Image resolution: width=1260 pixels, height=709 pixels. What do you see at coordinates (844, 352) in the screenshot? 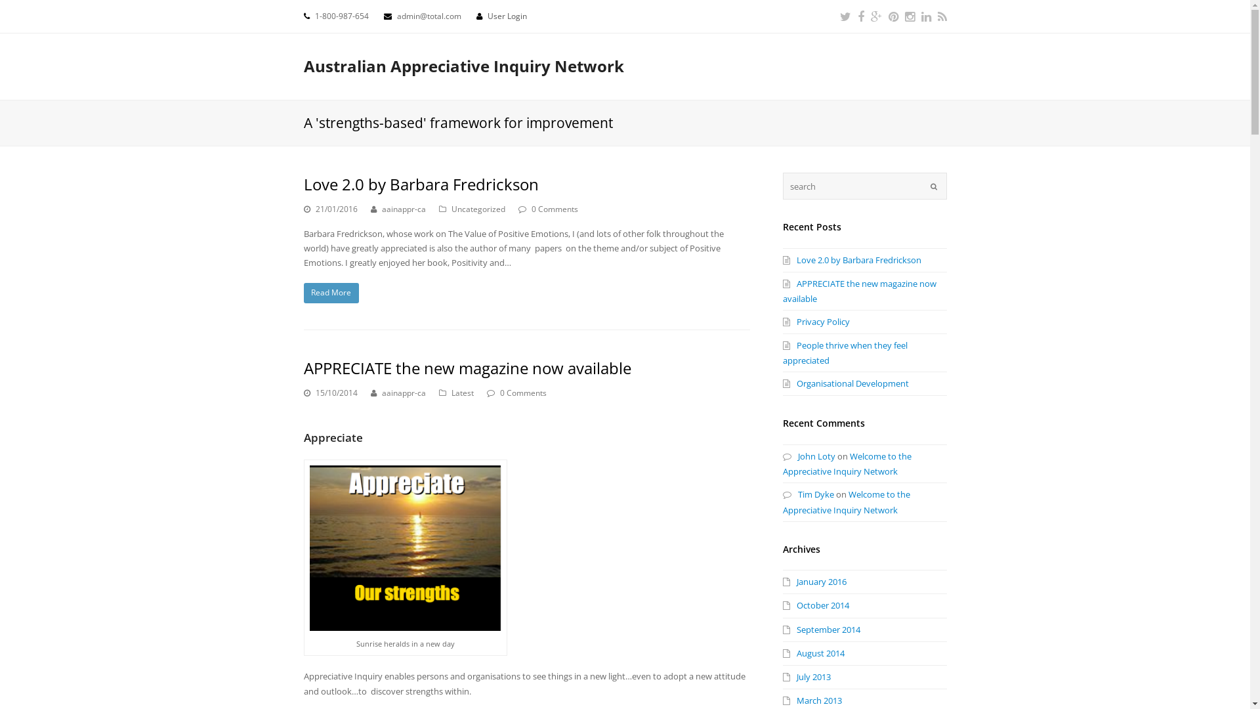
I see `'People thrive when they feel appreciated'` at bounding box center [844, 352].